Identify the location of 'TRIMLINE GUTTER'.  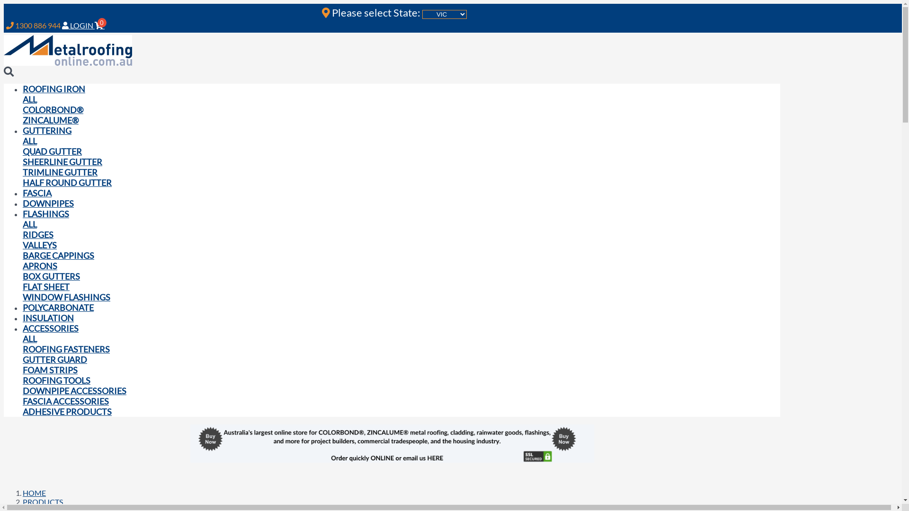
(59, 172).